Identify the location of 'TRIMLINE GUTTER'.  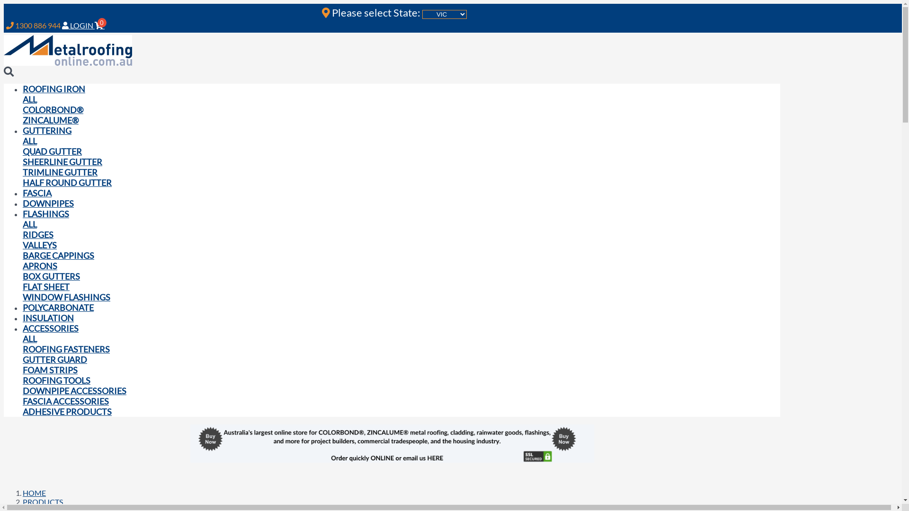
(59, 172).